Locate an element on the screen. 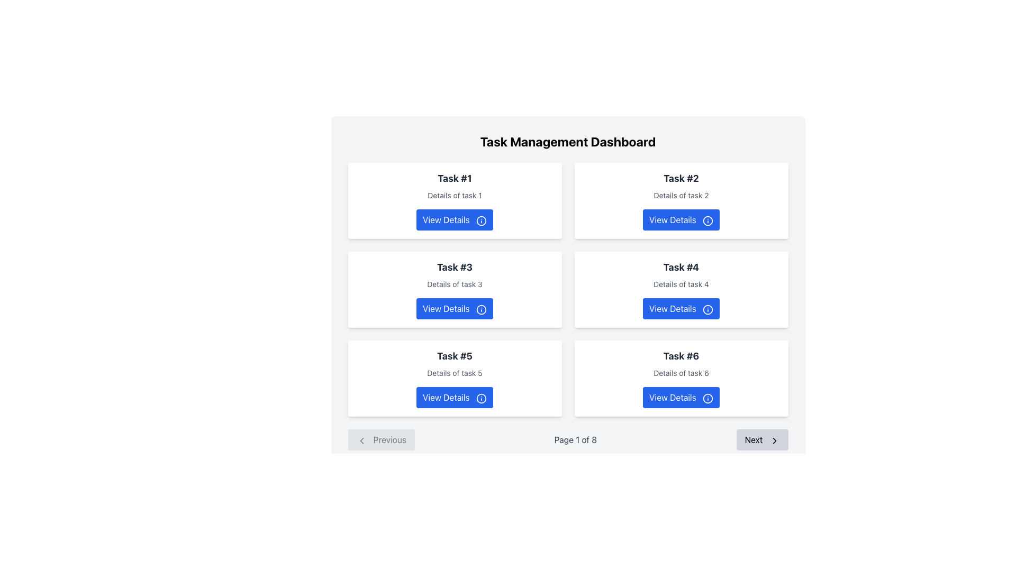  the info icon adjacent to the 'View Details' button on the second card labeled 'Task #2' in the grid layout is located at coordinates (681, 201).